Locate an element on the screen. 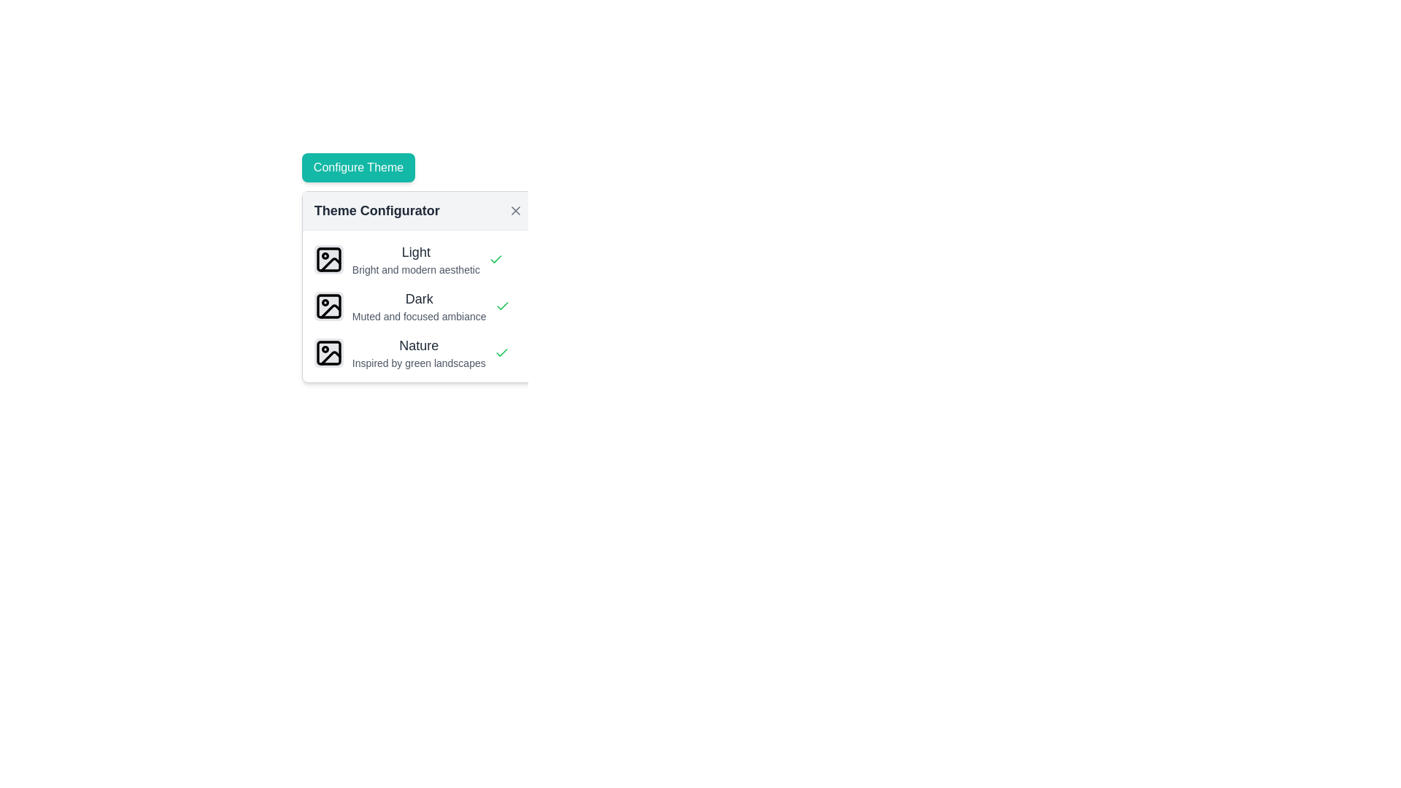 The image size is (1401, 788). the Text element titled 'Light' with subtitle 'Bright and modern aesthetic', which is positioned in the 'Theme Configurator' section, to the right of an icon placeholder is located at coordinates (415, 258).